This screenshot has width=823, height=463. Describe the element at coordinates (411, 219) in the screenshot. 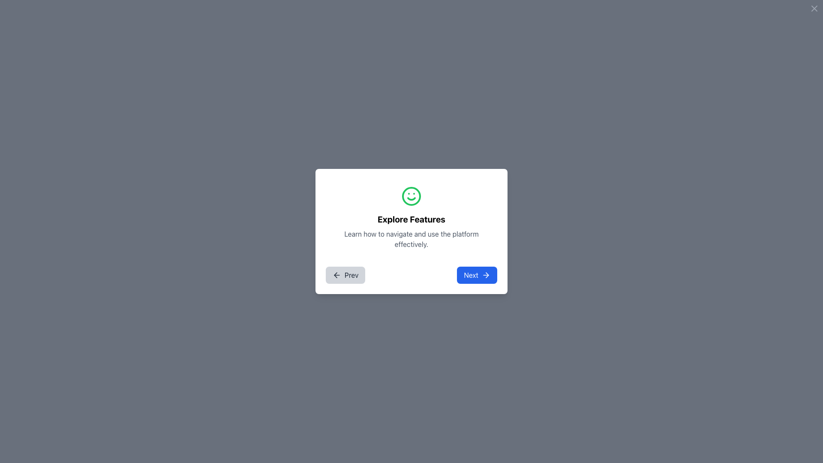

I see `the bold text label reading 'Explore Features', which is centrally positioned below a green smiley icon and above a descriptive text block in a card layout` at that location.